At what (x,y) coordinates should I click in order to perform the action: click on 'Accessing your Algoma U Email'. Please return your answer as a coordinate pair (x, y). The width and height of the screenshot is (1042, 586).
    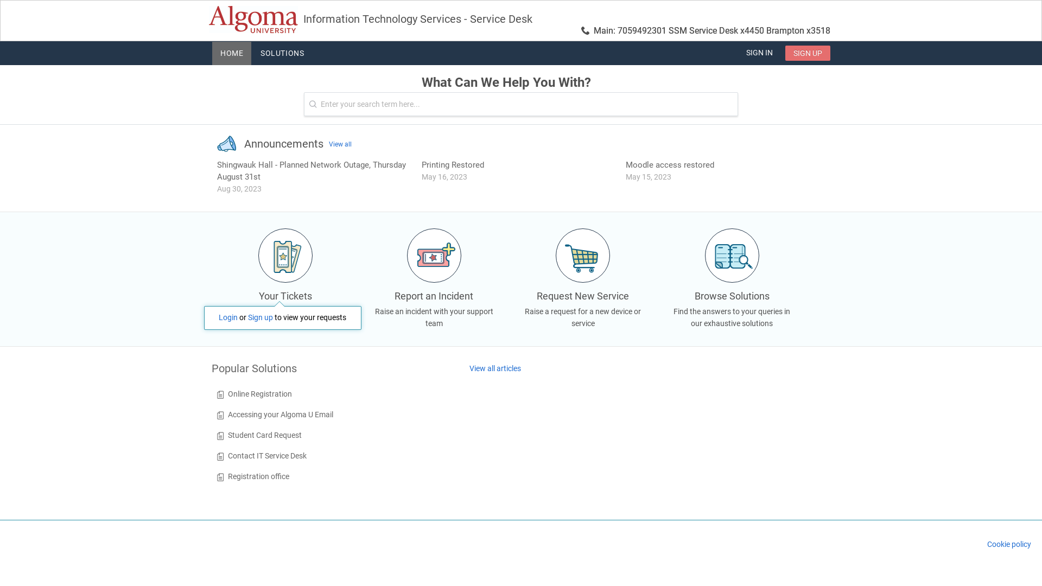
    Looking at the image, I should click on (227, 414).